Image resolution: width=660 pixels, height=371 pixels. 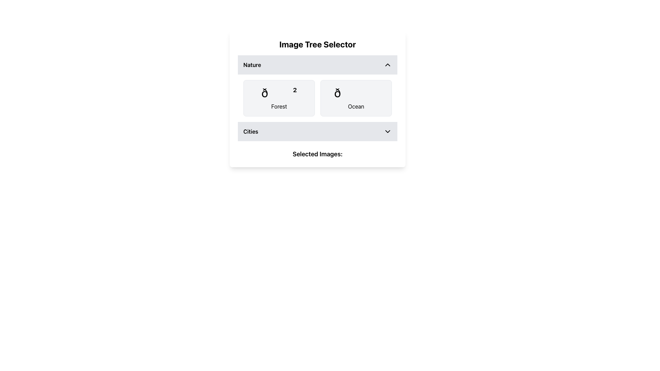 What do you see at coordinates (388, 131) in the screenshot?
I see `the Dropdown Indicator (Chevron Icon) positioned to the far-right side of the 'Cities' row to potentially display a tooltip` at bounding box center [388, 131].